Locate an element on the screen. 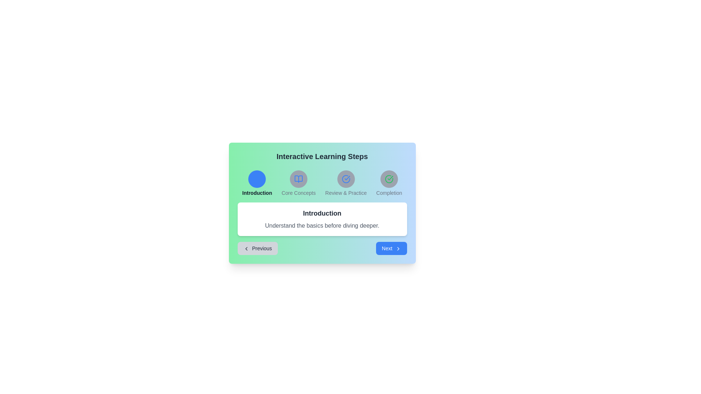 This screenshot has width=701, height=394. the 'Review & Practice' Indicator button, which is the third in a row of four interactive step indicators located at the top of a centered modal is located at coordinates (345, 179).